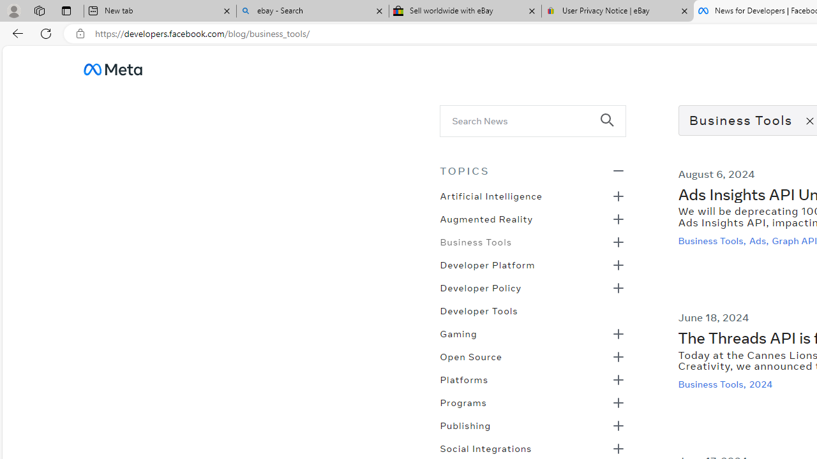 The image size is (817, 459). Describe the element at coordinates (465, 11) in the screenshot. I see `'Sell worldwide with eBay'` at that location.